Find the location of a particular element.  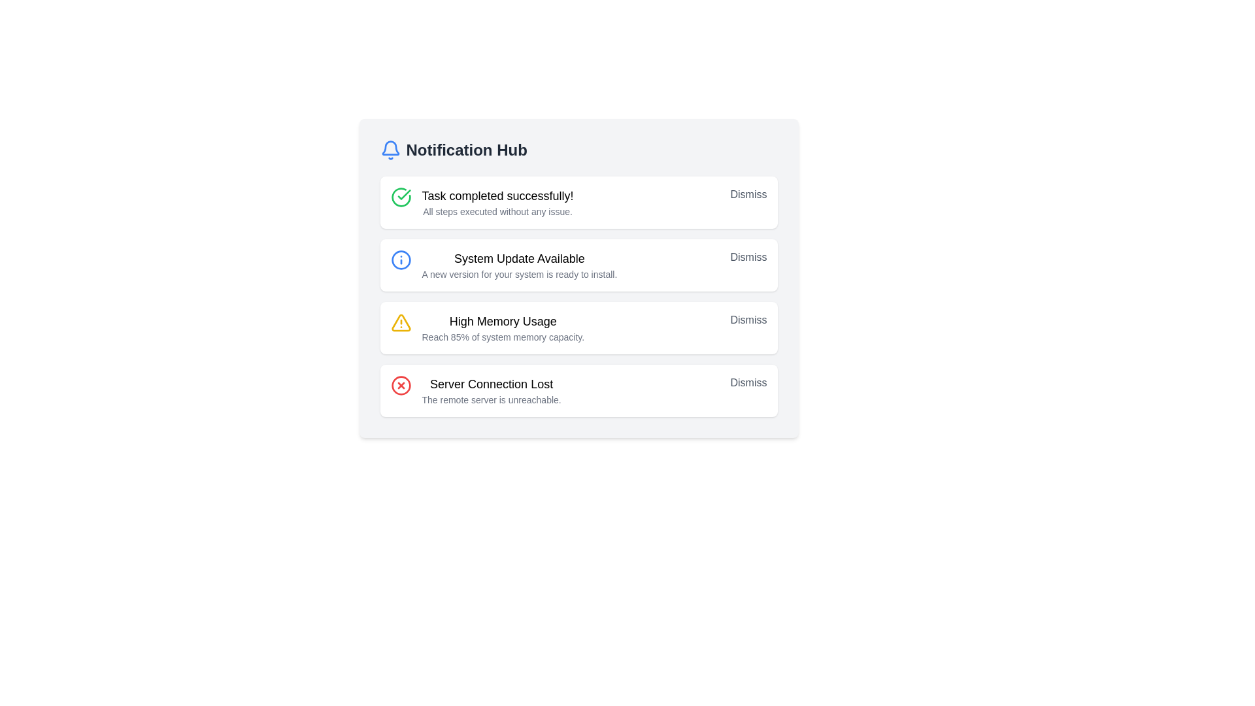

the gray text label stating 'Reach 85% of system memory capacity.' located in the third notification card of the 'Notification Hub' interface is located at coordinates (502, 337).